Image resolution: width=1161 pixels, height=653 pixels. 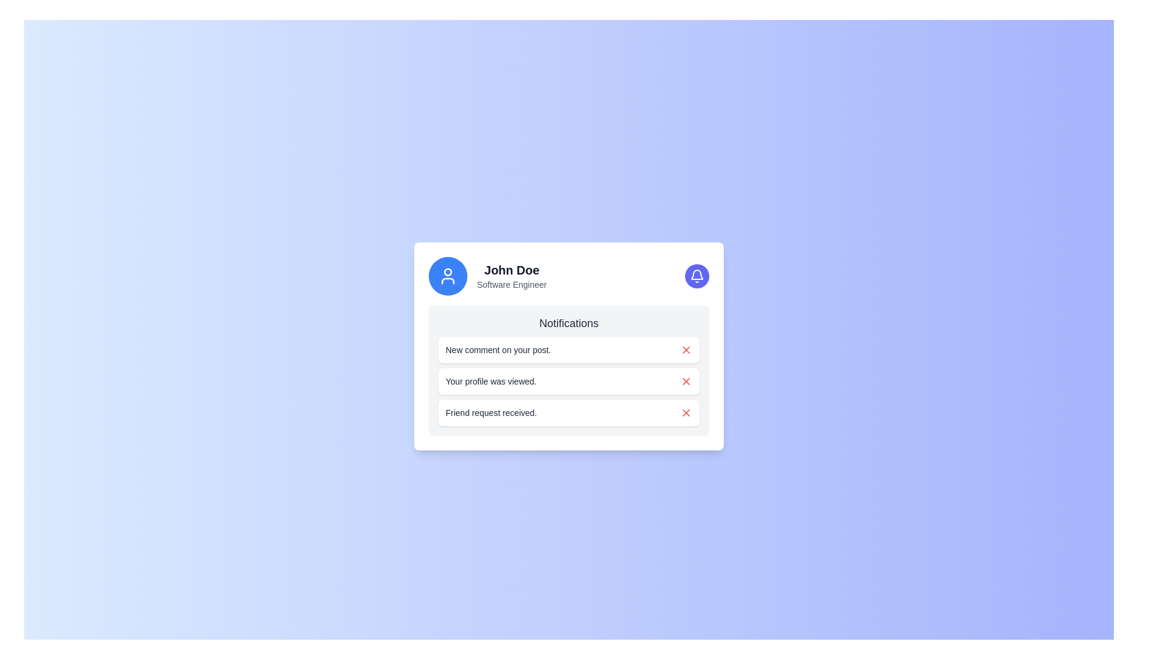 What do you see at coordinates (491, 382) in the screenshot?
I see `the text label that displays 'Your profile was viewed.' in a notification card under the 'Notifications' header` at bounding box center [491, 382].